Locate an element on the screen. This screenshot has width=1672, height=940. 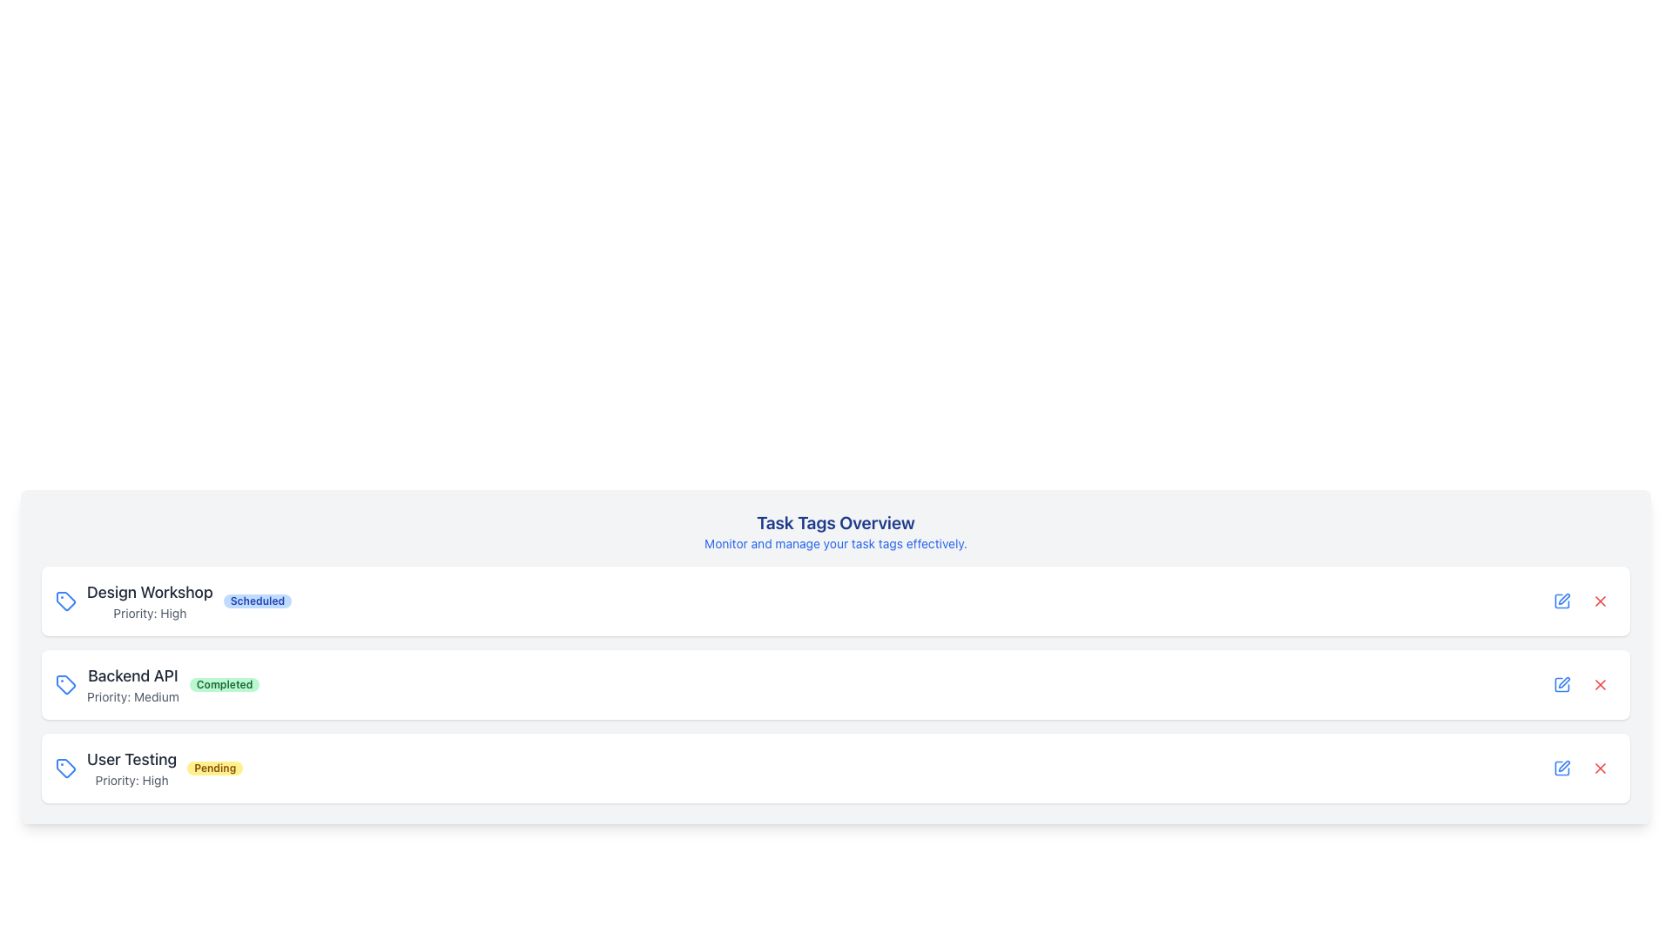
the priority status label indicating 'High', located beneath 'Design Workshop' and aligned to the left side of the first task information row is located at coordinates (150, 613).